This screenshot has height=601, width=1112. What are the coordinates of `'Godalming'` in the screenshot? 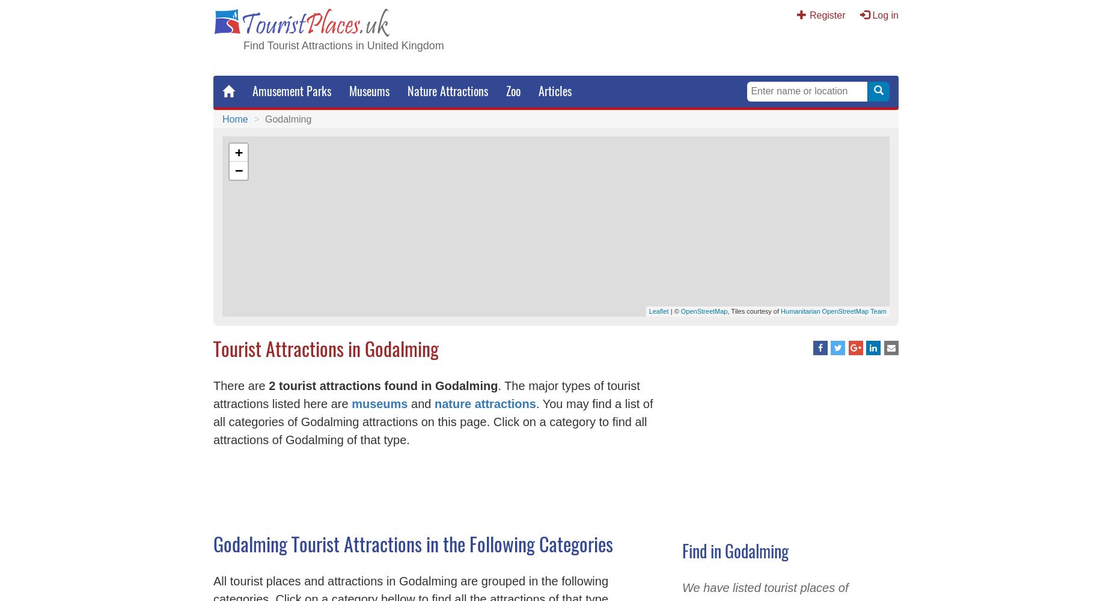 It's located at (287, 118).